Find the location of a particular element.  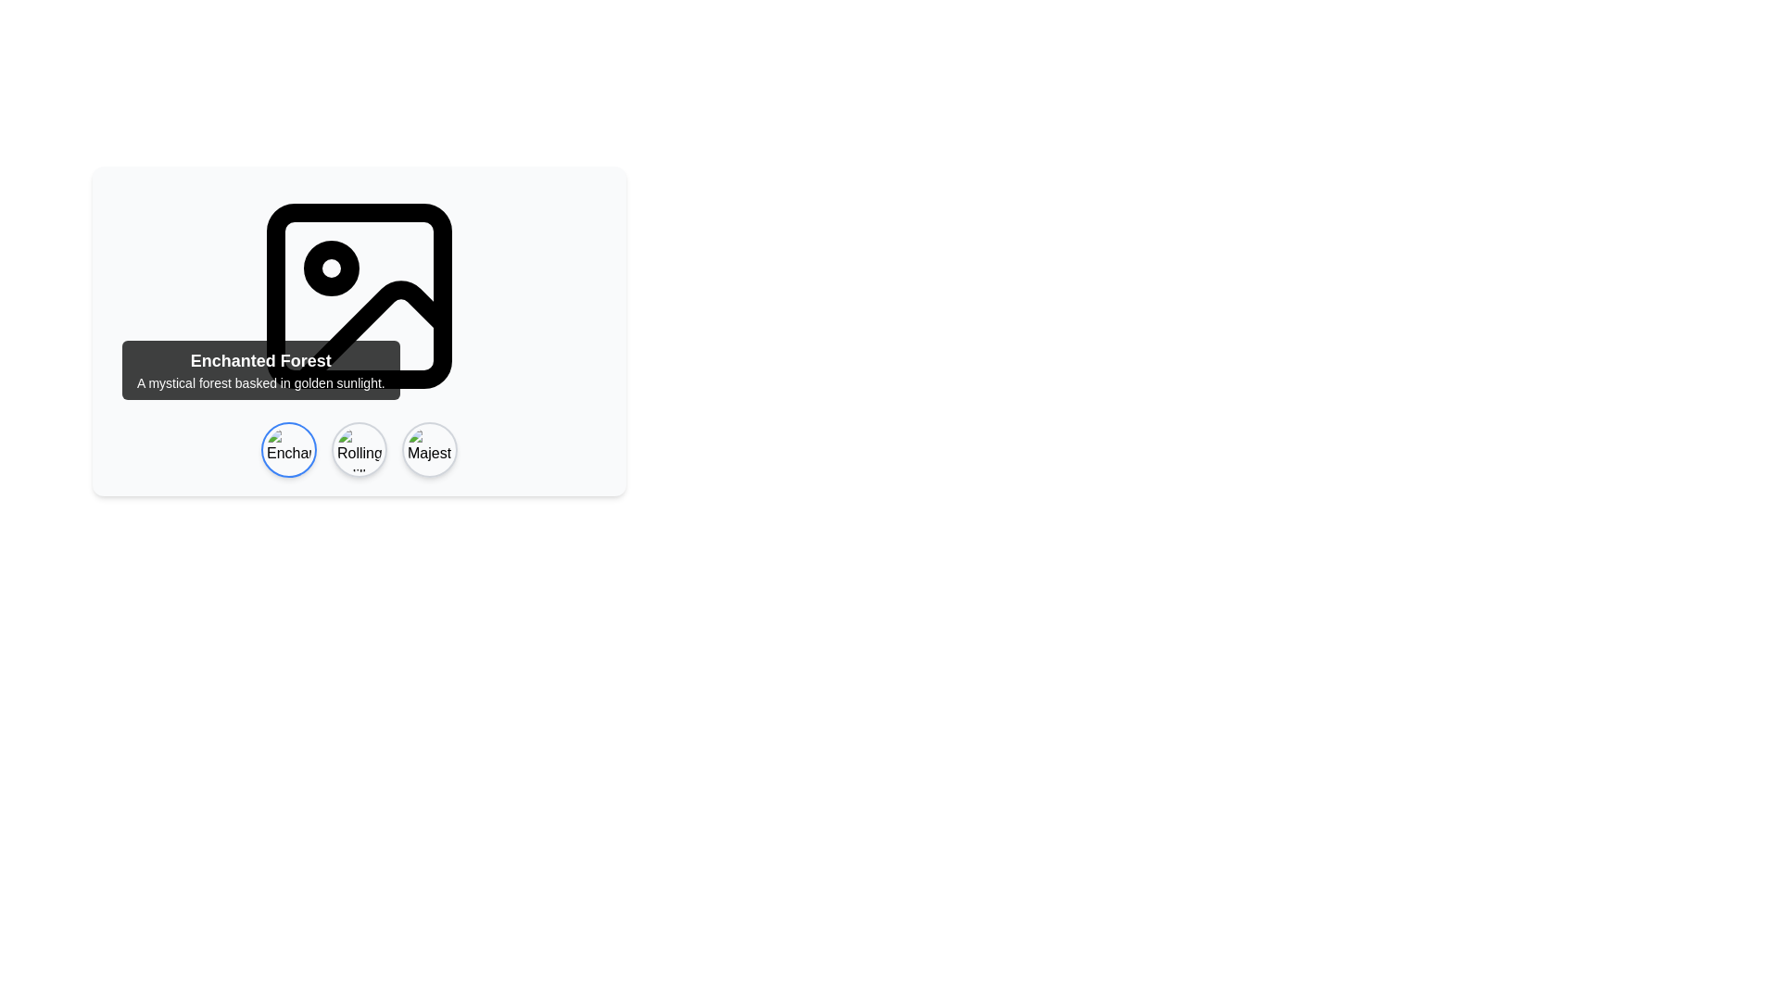

the clickable circular card labeled 'Majest', which is the third item in a group of circular elements, to trigger a visual effect is located at coordinates (429, 450).